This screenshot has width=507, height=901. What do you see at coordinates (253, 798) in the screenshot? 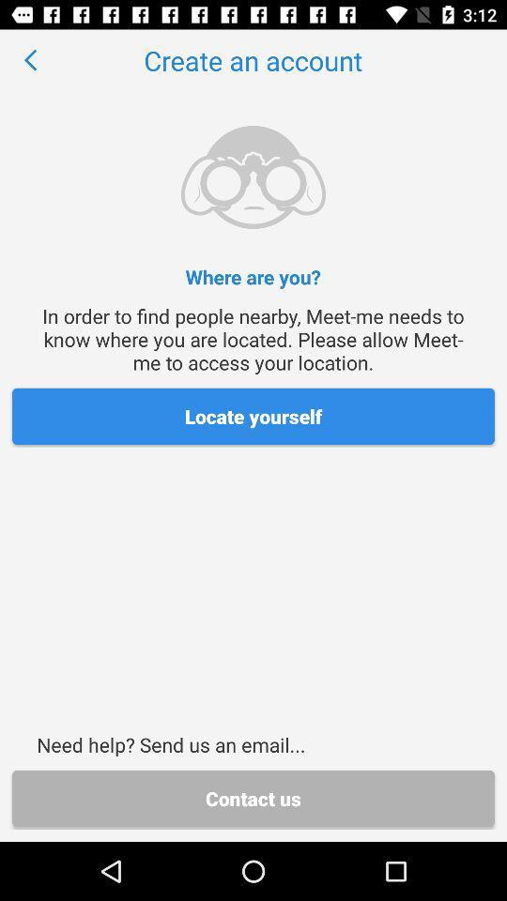
I see `the icon below the need help send icon` at bounding box center [253, 798].